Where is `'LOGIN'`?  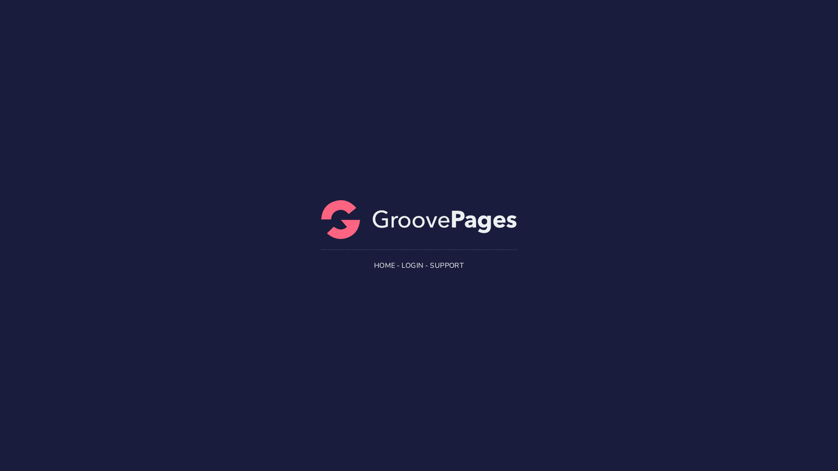 'LOGIN' is located at coordinates (412, 265).